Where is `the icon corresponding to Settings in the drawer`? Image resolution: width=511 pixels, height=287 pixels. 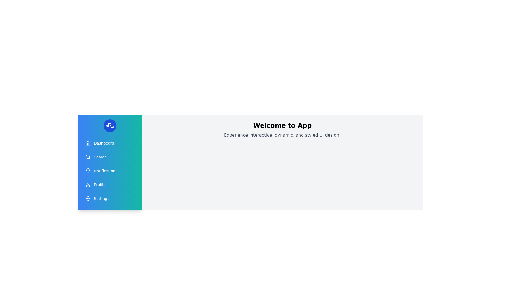 the icon corresponding to Settings in the drawer is located at coordinates (88, 199).